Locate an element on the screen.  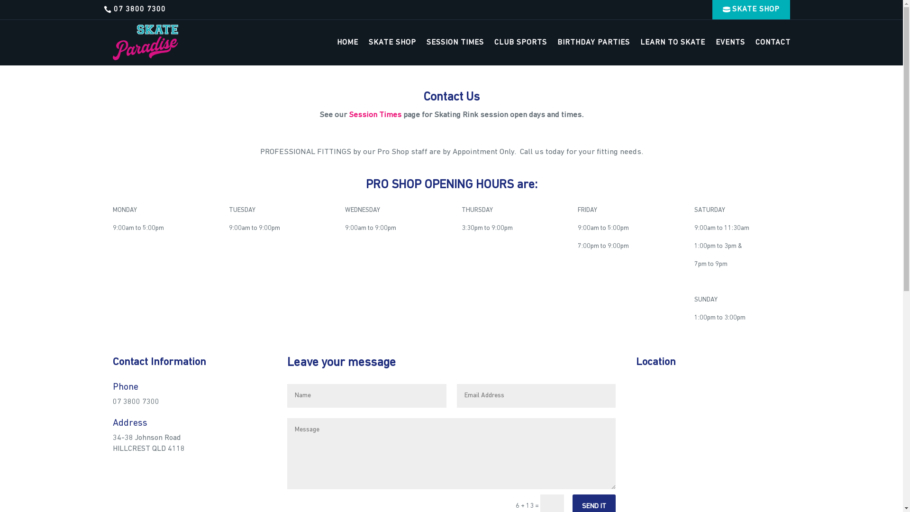
'SKATE SHOP' is located at coordinates (750, 9).